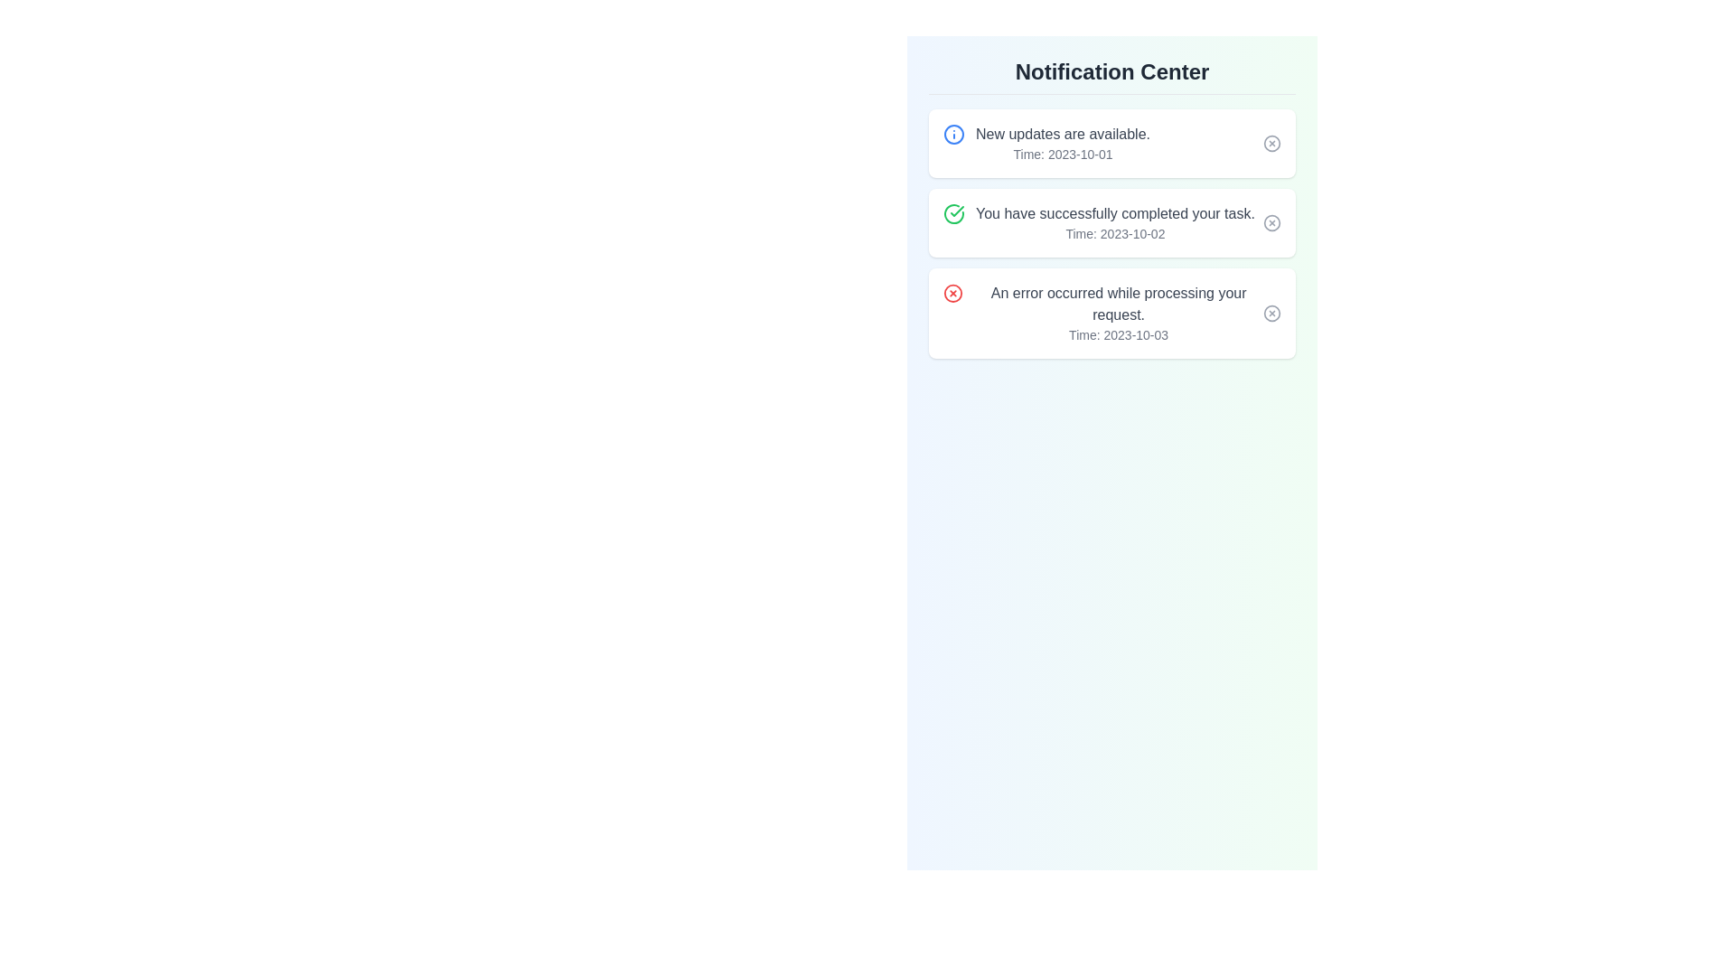 The width and height of the screenshot is (1735, 976). Describe the element at coordinates (1114, 232) in the screenshot. I see `the static text label displaying the date 'Time: 2023-10-02' located in the third notification box of the 'Notification Center'` at that location.